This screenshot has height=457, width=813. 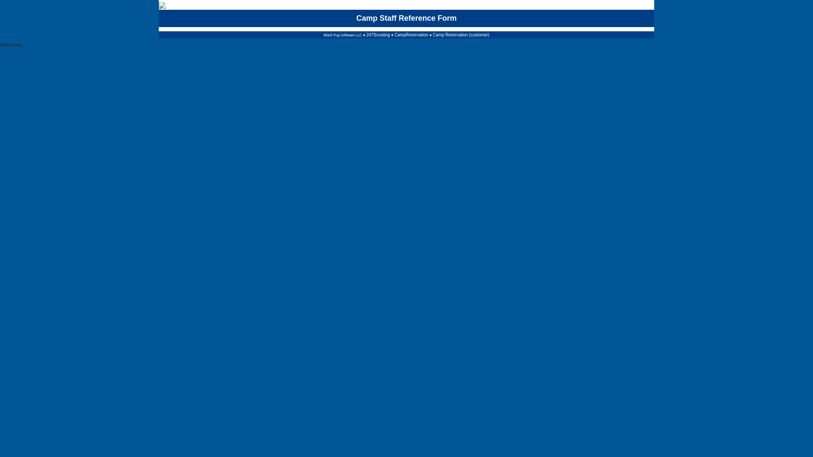 I want to click on 'Camp Reservation (customer)', so click(x=433, y=34).